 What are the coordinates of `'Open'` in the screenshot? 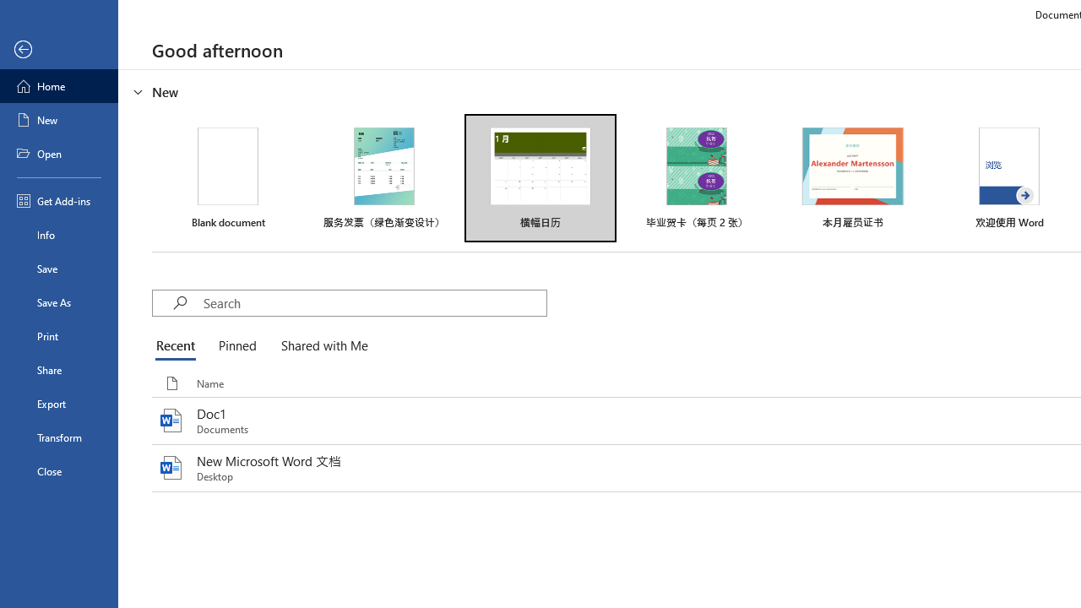 It's located at (58, 154).